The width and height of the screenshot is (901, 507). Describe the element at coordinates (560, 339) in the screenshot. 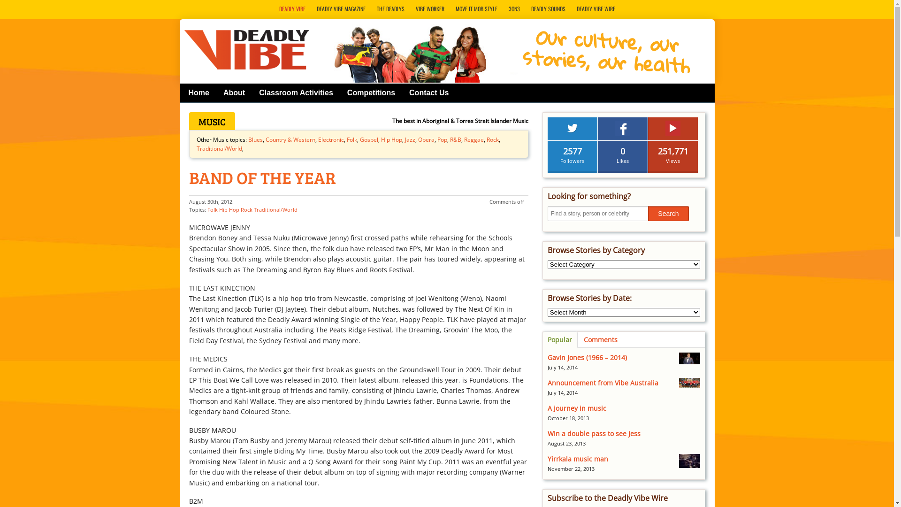

I see `'Popular'` at that location.